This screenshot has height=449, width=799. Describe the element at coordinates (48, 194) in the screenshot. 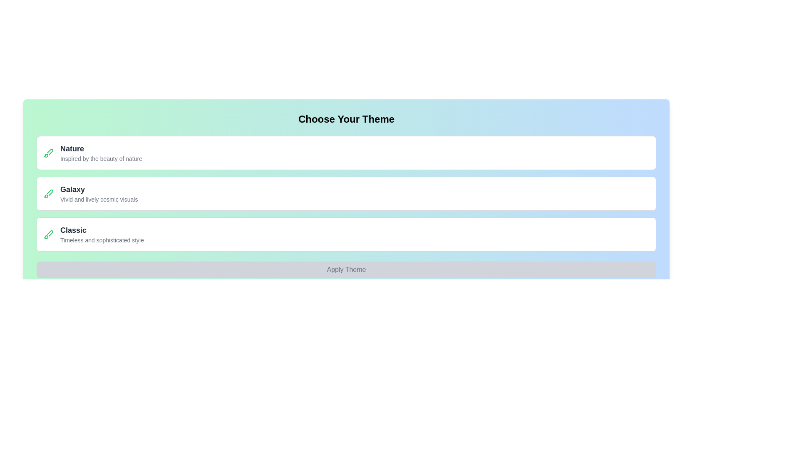

I see `the graphic icon resembling a brush, which is styled in green and located to the left of the text within the rectangular card titled 'Galaxy'` at that location.